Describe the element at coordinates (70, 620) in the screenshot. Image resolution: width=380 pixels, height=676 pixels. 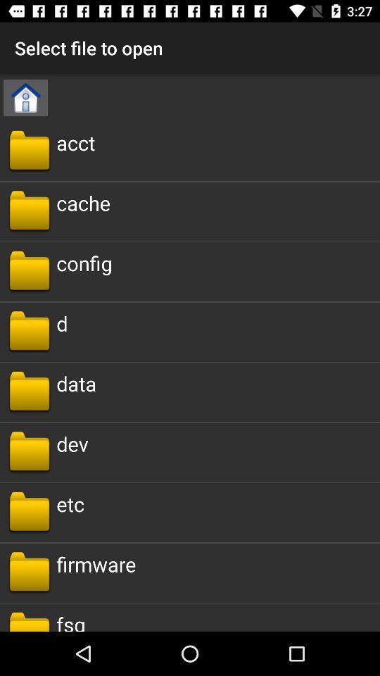
I see `the icon below firmware item` at that location.